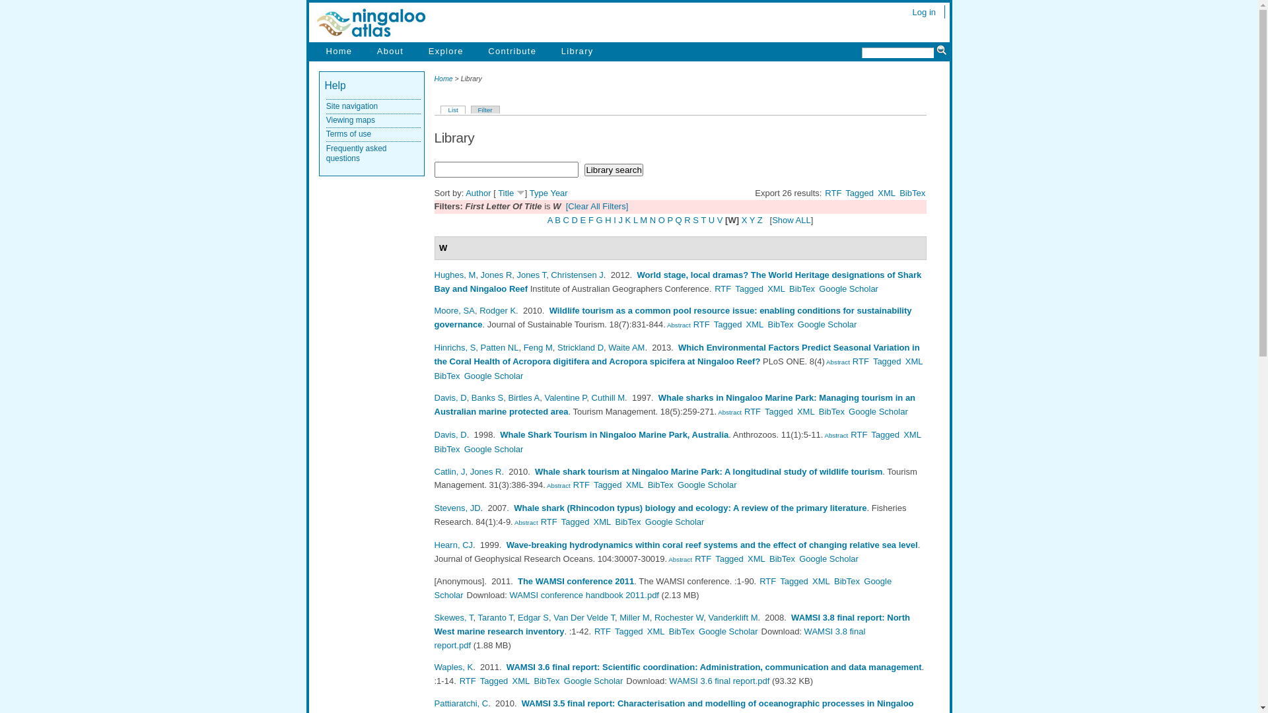 The width and height of the screenshot is (1268, 713). I want to click on 'Contribute', so click(511, 50).